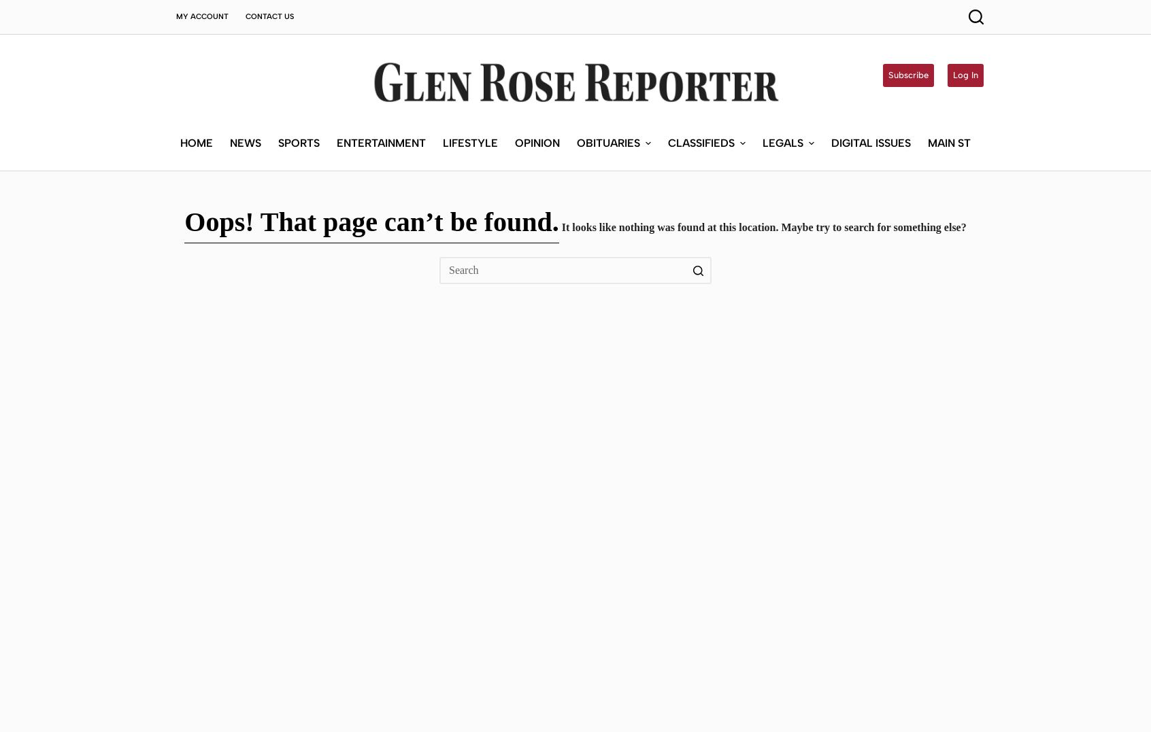  What do you see at coordinates (229, 43) in the screenshot?
I see `'News'` at bounding box center [229, 43].